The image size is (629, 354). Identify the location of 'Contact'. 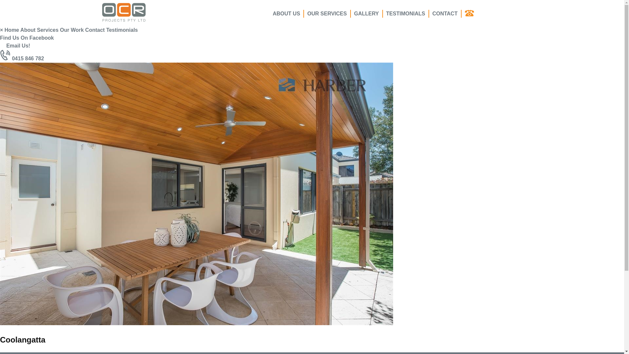
(94, 30).